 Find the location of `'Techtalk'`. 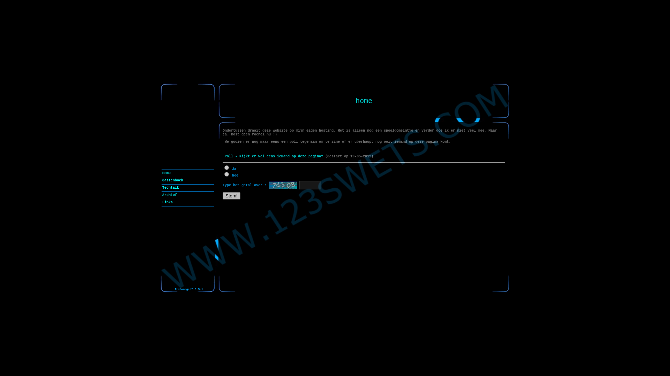

'Techtalk' is located at coordinates (162, 188).